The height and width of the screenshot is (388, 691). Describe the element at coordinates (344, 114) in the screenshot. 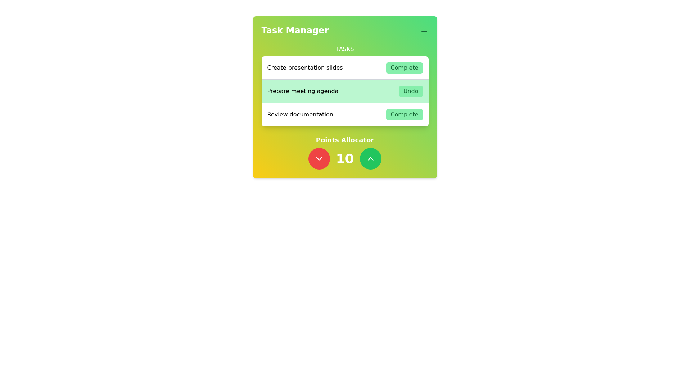

I see `the 'Complete' button with rounded edges and light green background in the third task row labeled 'Review documentation' to mark the task as completed` at that location.